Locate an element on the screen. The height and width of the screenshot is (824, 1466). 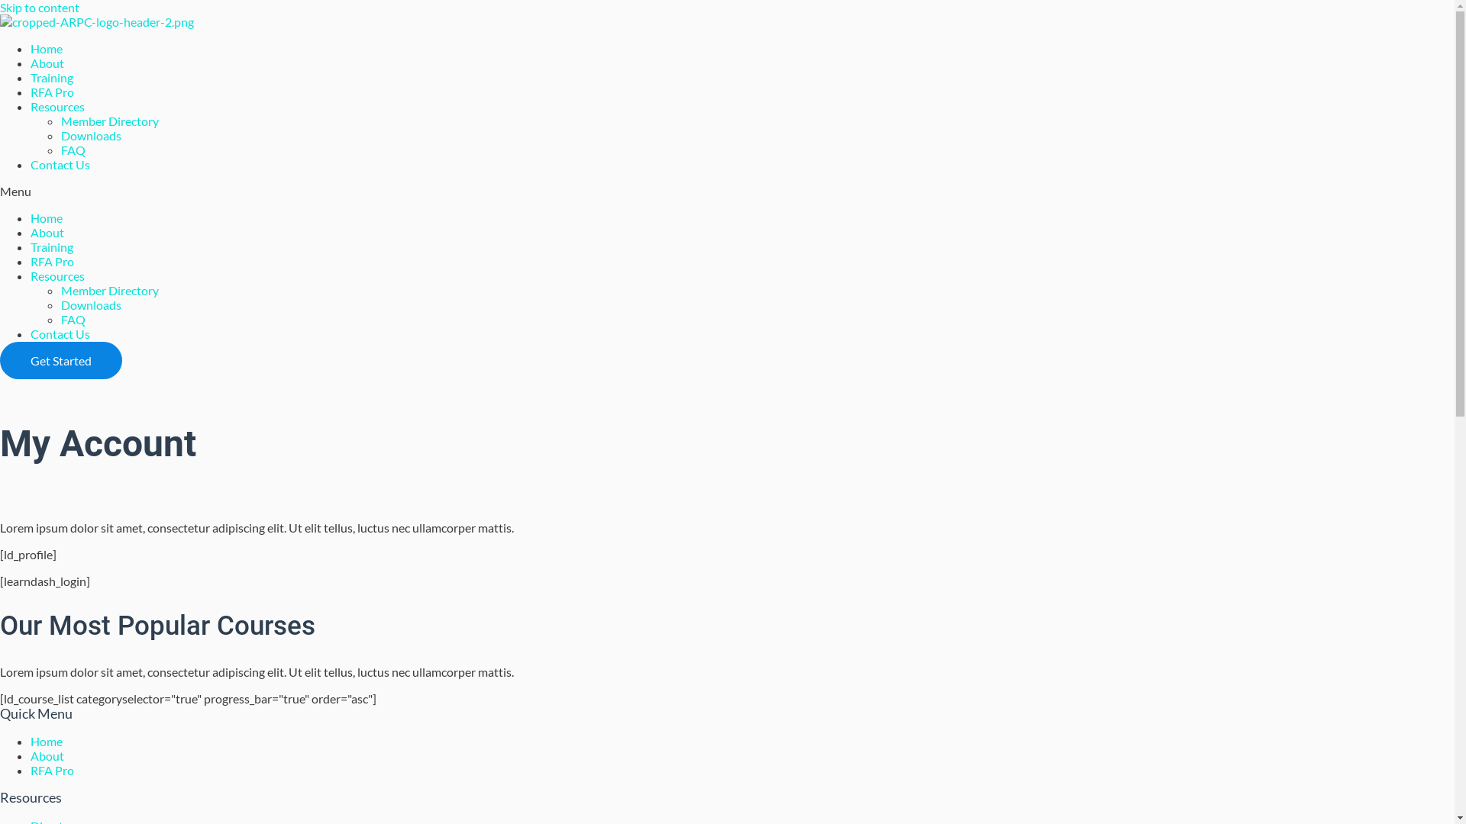
'Home' is located at coordinates (47, 740).